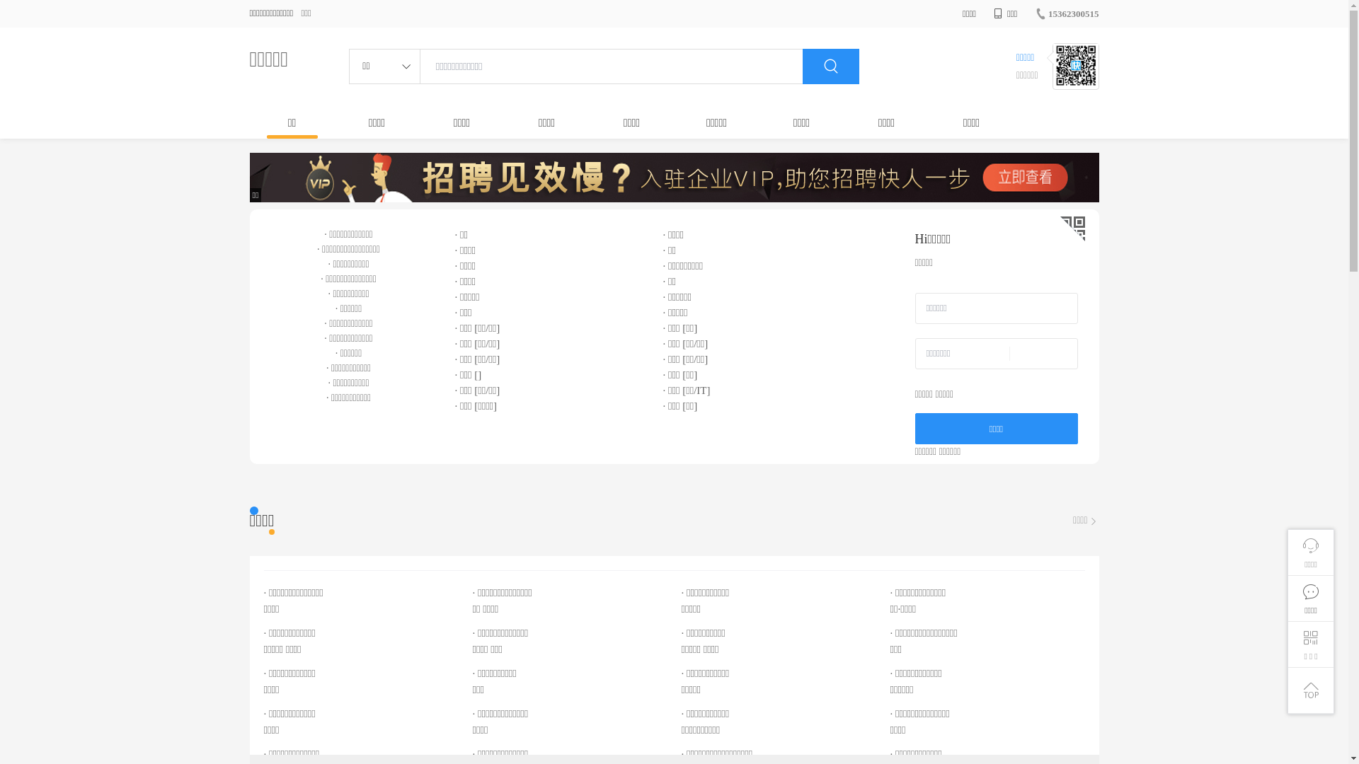 This screenshot has height=764, width=1359. Describe the element at coordinates (1035, 13) in the screenshot. I see `'15362300515'` at that location.